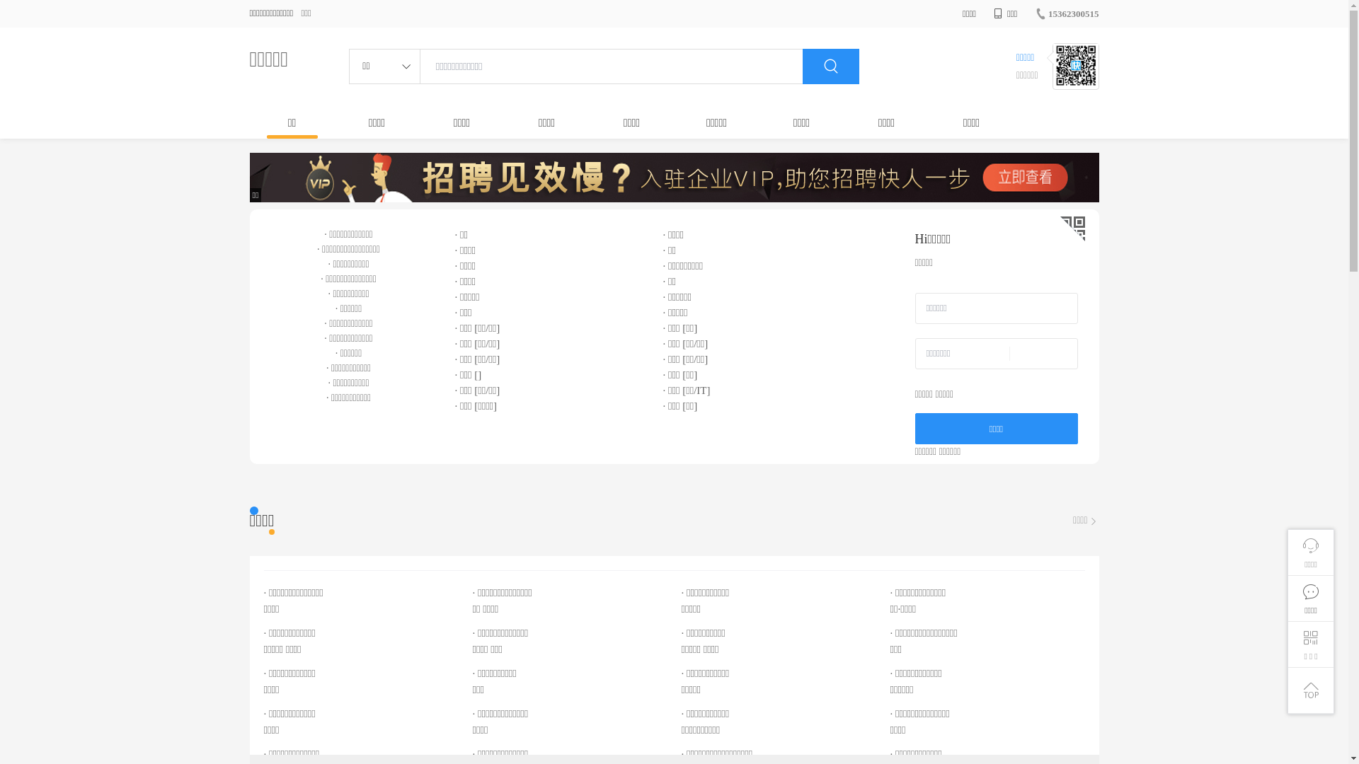 This screenshot has height=764, width=1359. Describe the element at coordinates (1035, 13) in the screenshot. I see `'15362300515'` at that location.